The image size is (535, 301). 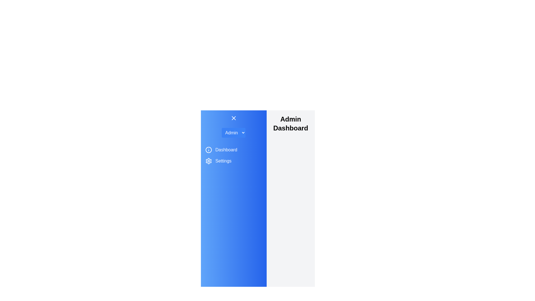 What do you see at coordinates (226, 149) in the screenshot?
I see `the menu item labeled Dashboard` at bounding box center [226, 149].